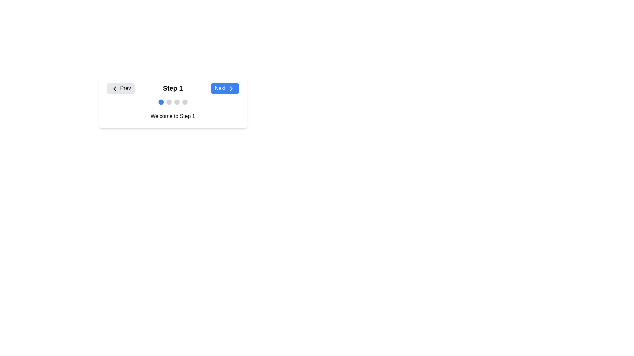  Describe the element at coordinates (115, 88) in the screenshot. I see `the leftward-pointing chevron icon within the 'Prev' button, which has a light gray background and is located at the top-left side of the step navigation interface` at that location.